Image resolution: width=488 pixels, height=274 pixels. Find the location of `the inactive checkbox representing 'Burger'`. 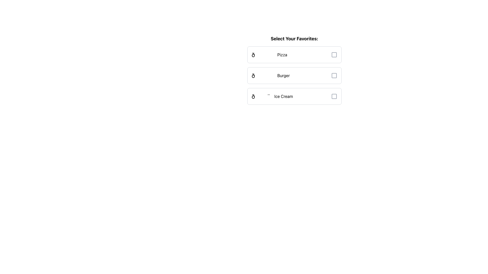

the inactive checkbox representing 'Burger' is located at coordinates (334, 75).